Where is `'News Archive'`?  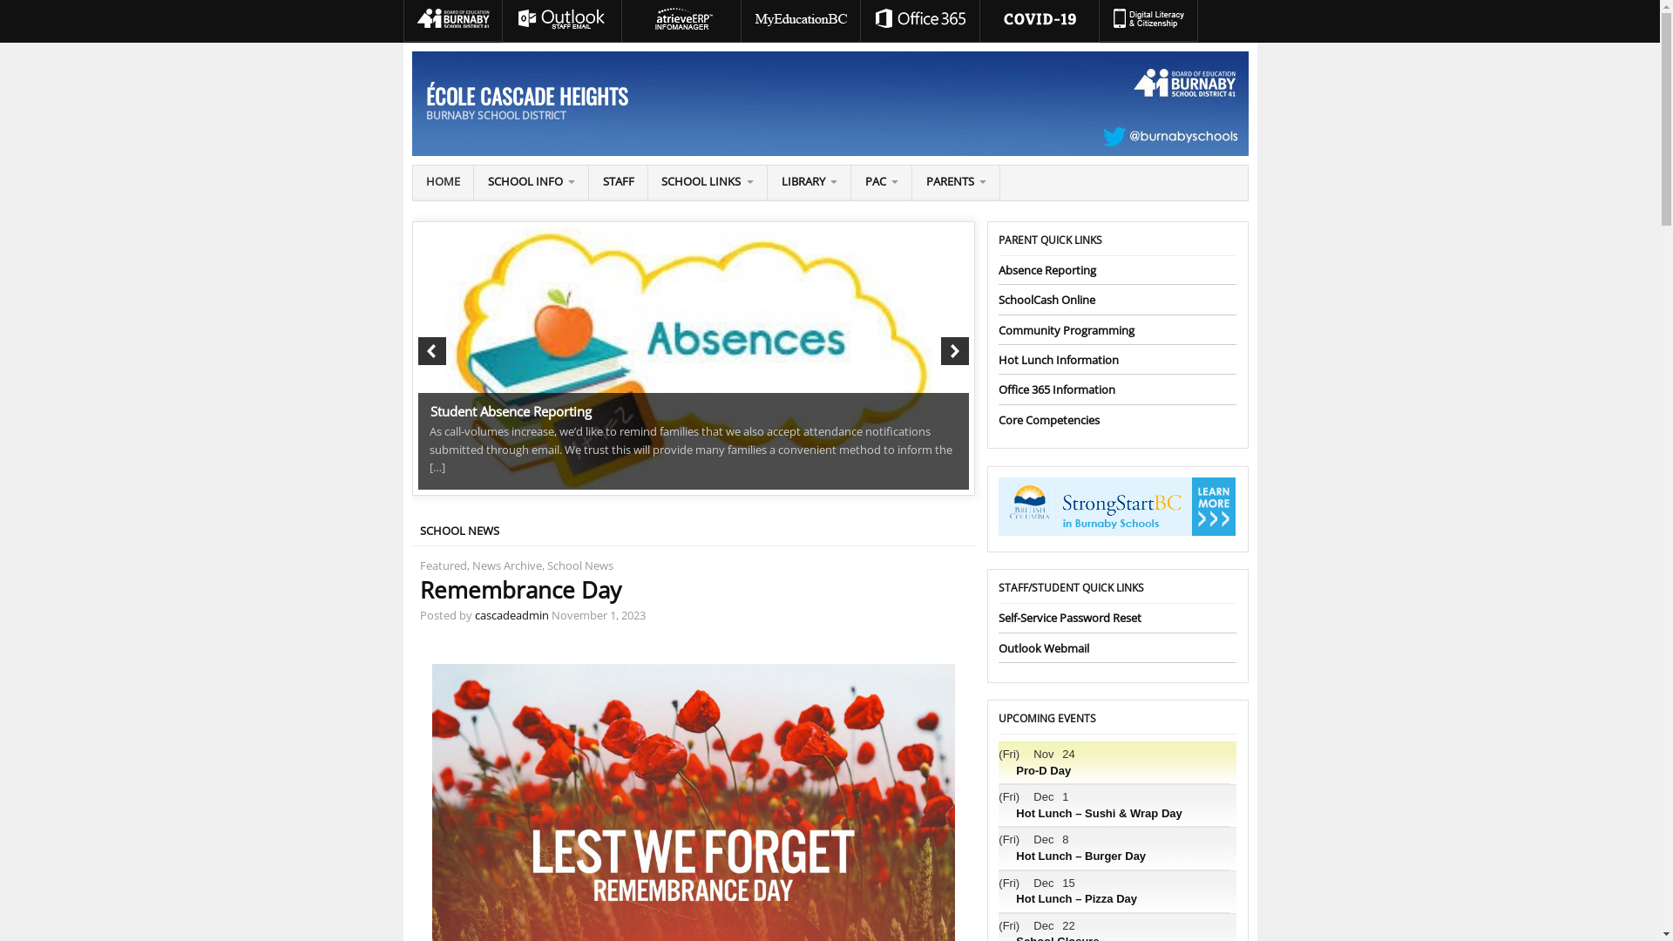
'News Archive' is located at coordinates (505, 565).